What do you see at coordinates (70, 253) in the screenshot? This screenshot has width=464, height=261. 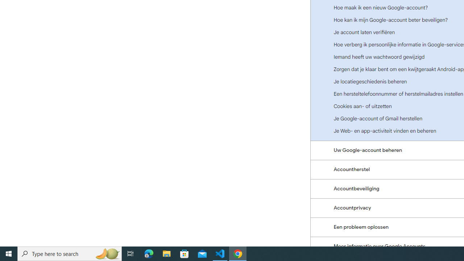 I see `'Type here to search'` at bounding box center [70, 253].